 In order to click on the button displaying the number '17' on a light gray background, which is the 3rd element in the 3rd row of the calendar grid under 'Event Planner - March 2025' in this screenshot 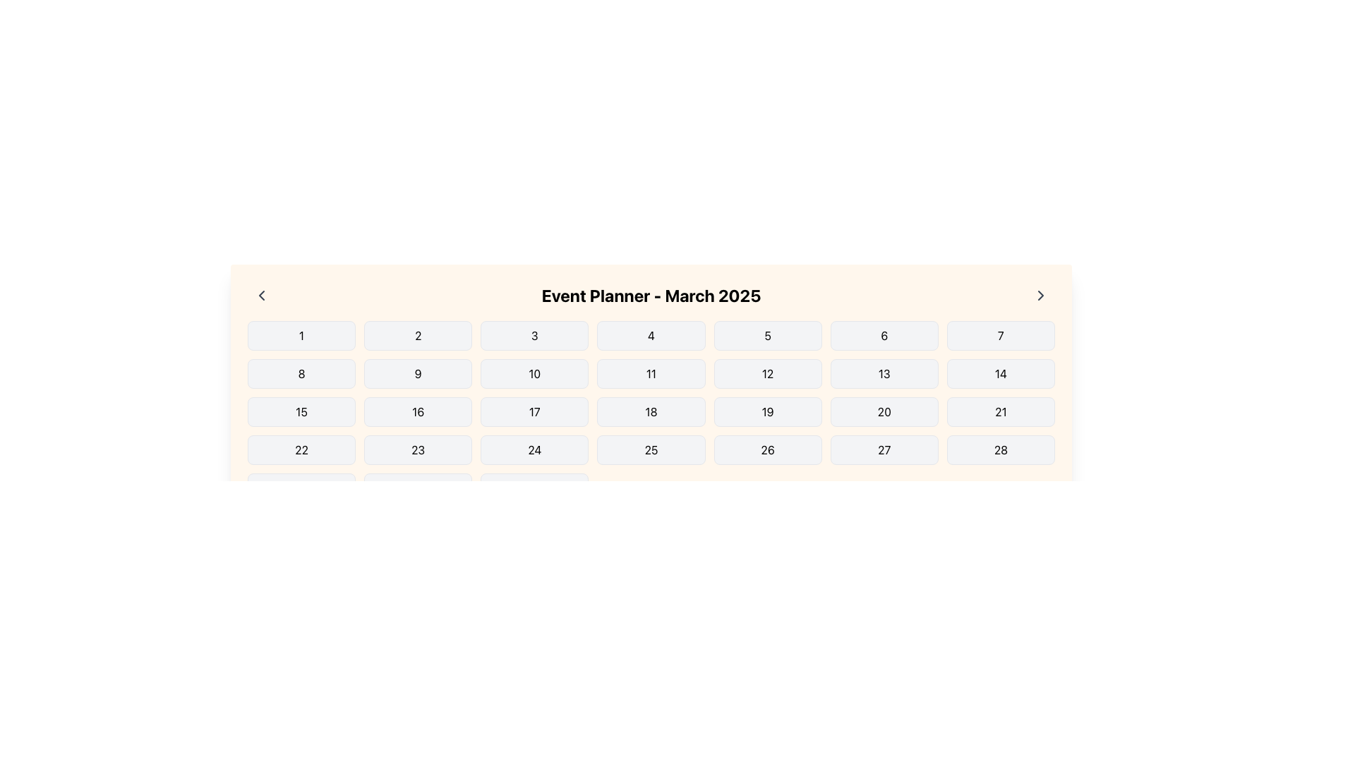, I will do `click(534, 411)`.